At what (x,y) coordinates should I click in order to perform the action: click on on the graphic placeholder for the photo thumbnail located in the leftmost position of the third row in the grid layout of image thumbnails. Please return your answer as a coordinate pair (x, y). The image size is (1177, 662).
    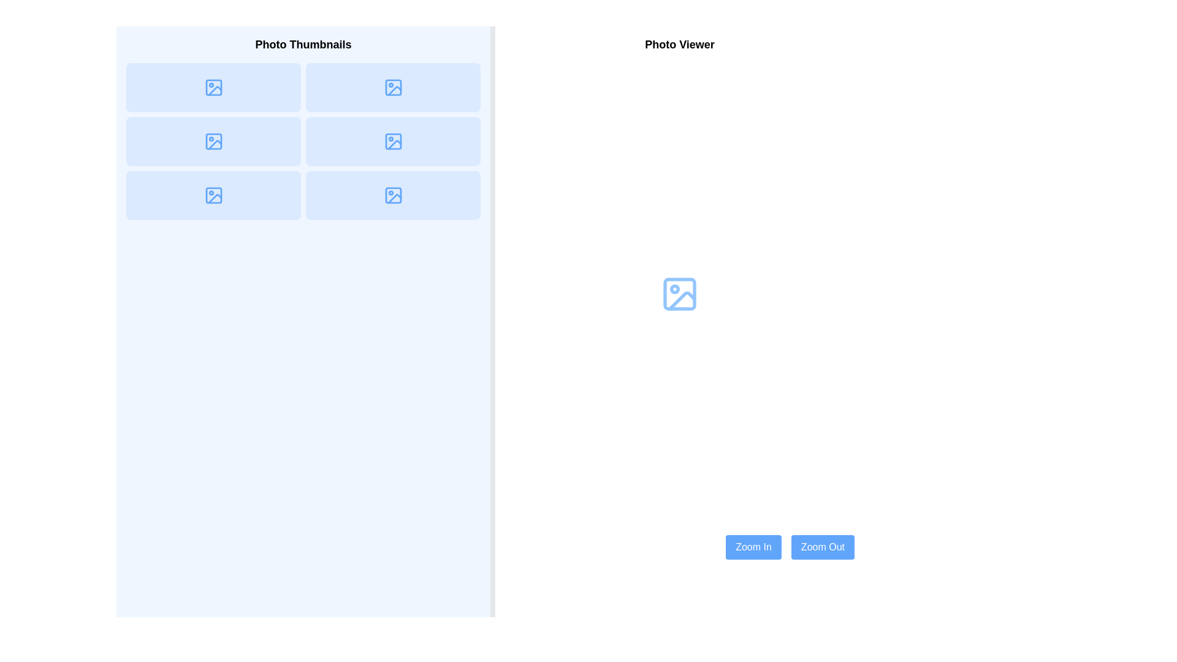
    Looking at the image, I should click on (213, 195).